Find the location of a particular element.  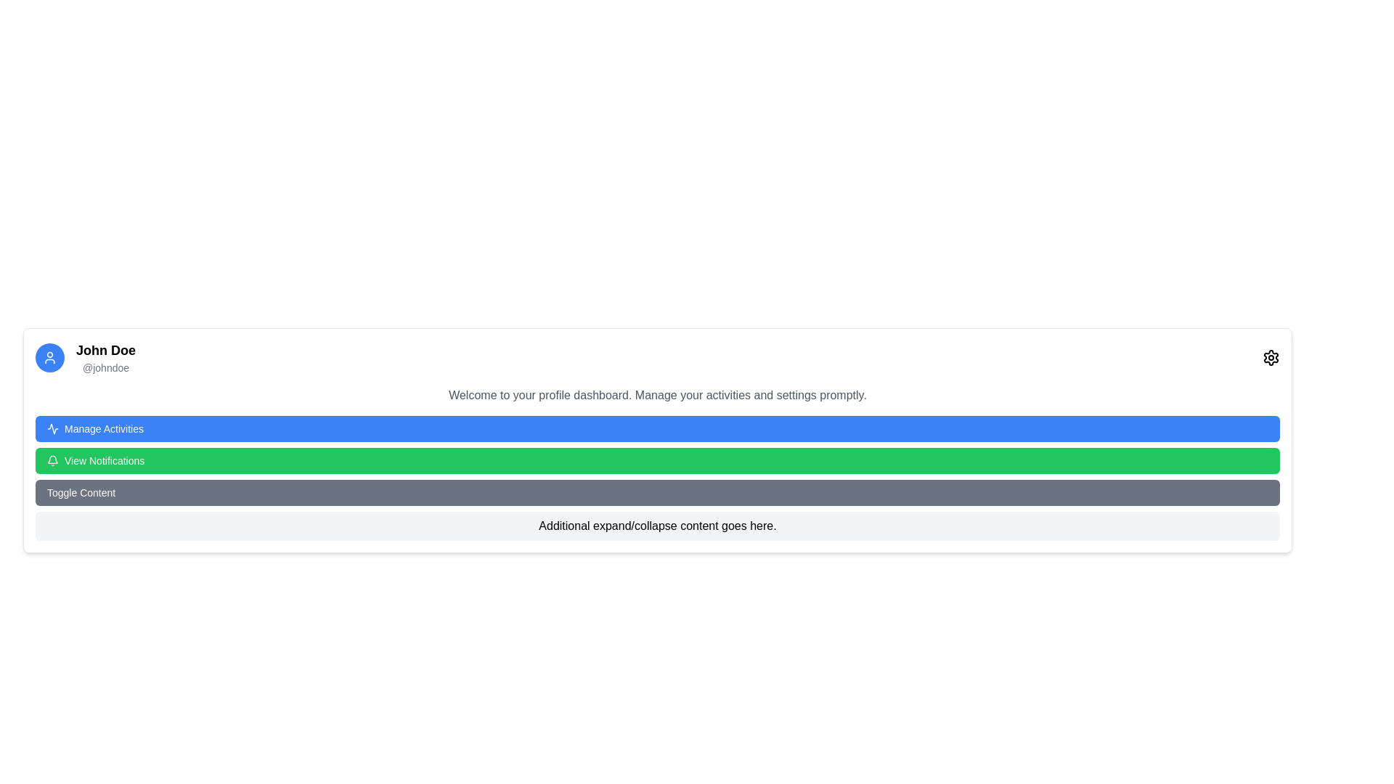

the bell icon within the green 'View Notifications' button, which has an outlined design without fill, indicating notifications is located at coordinates (52, 460).